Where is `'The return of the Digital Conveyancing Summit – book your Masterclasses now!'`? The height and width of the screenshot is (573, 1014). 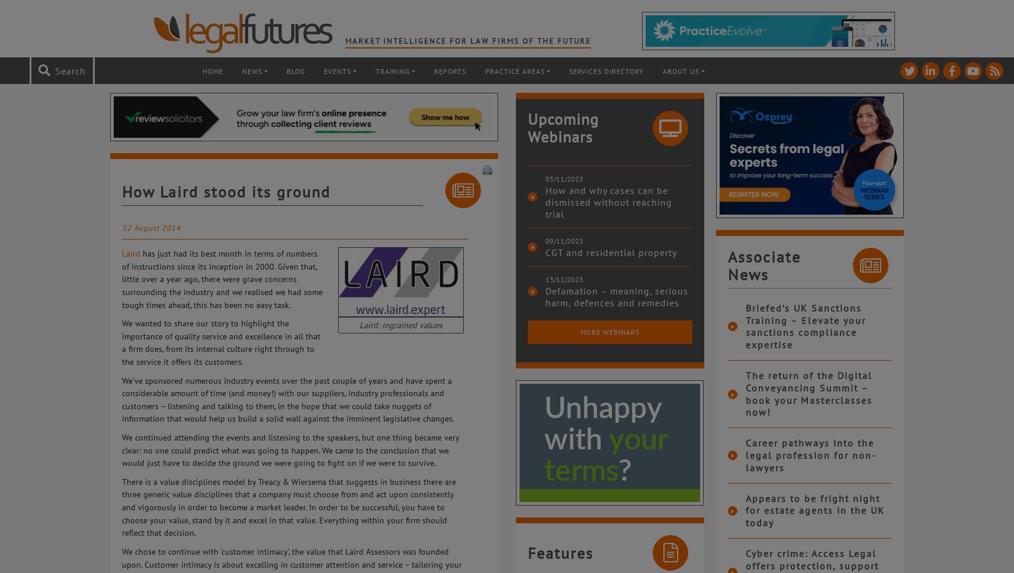 'The return of the Digital Conveyancing Summit – book your Masterclasses now!' is located at coordinates (745, 393).